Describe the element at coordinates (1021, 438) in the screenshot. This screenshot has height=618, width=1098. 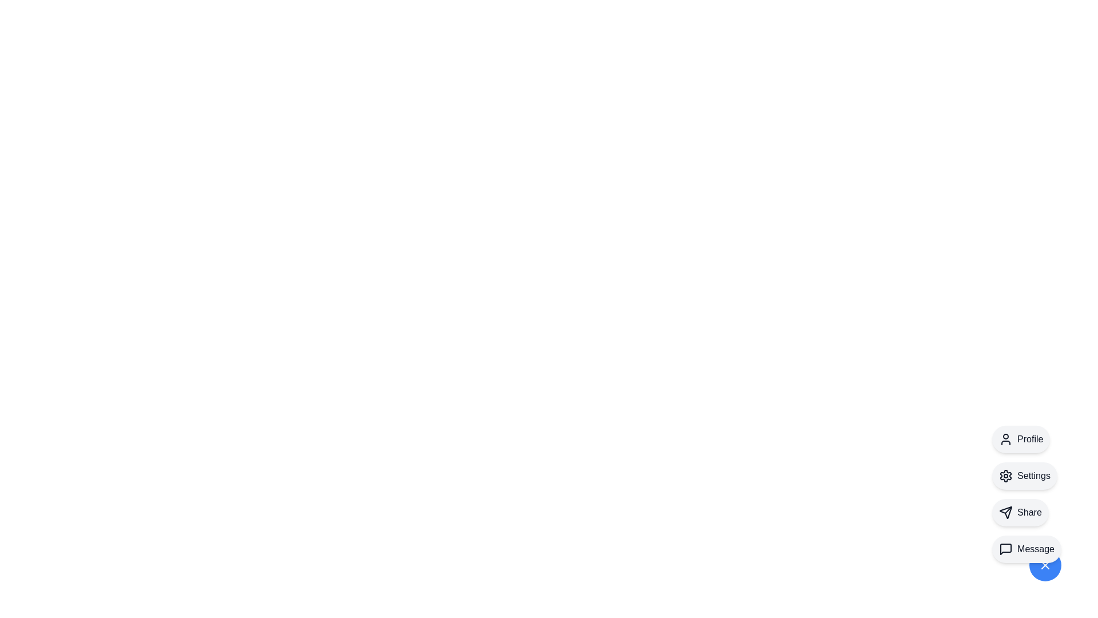
I see `the Profile button to reveal its tooltip` at that location.